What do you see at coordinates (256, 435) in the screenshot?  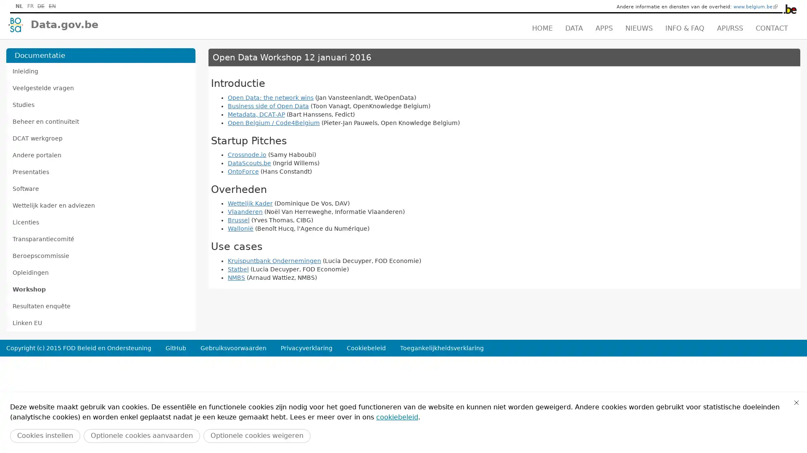 I see `Optionele cookies weigeren` at bounding box center [256, 435].